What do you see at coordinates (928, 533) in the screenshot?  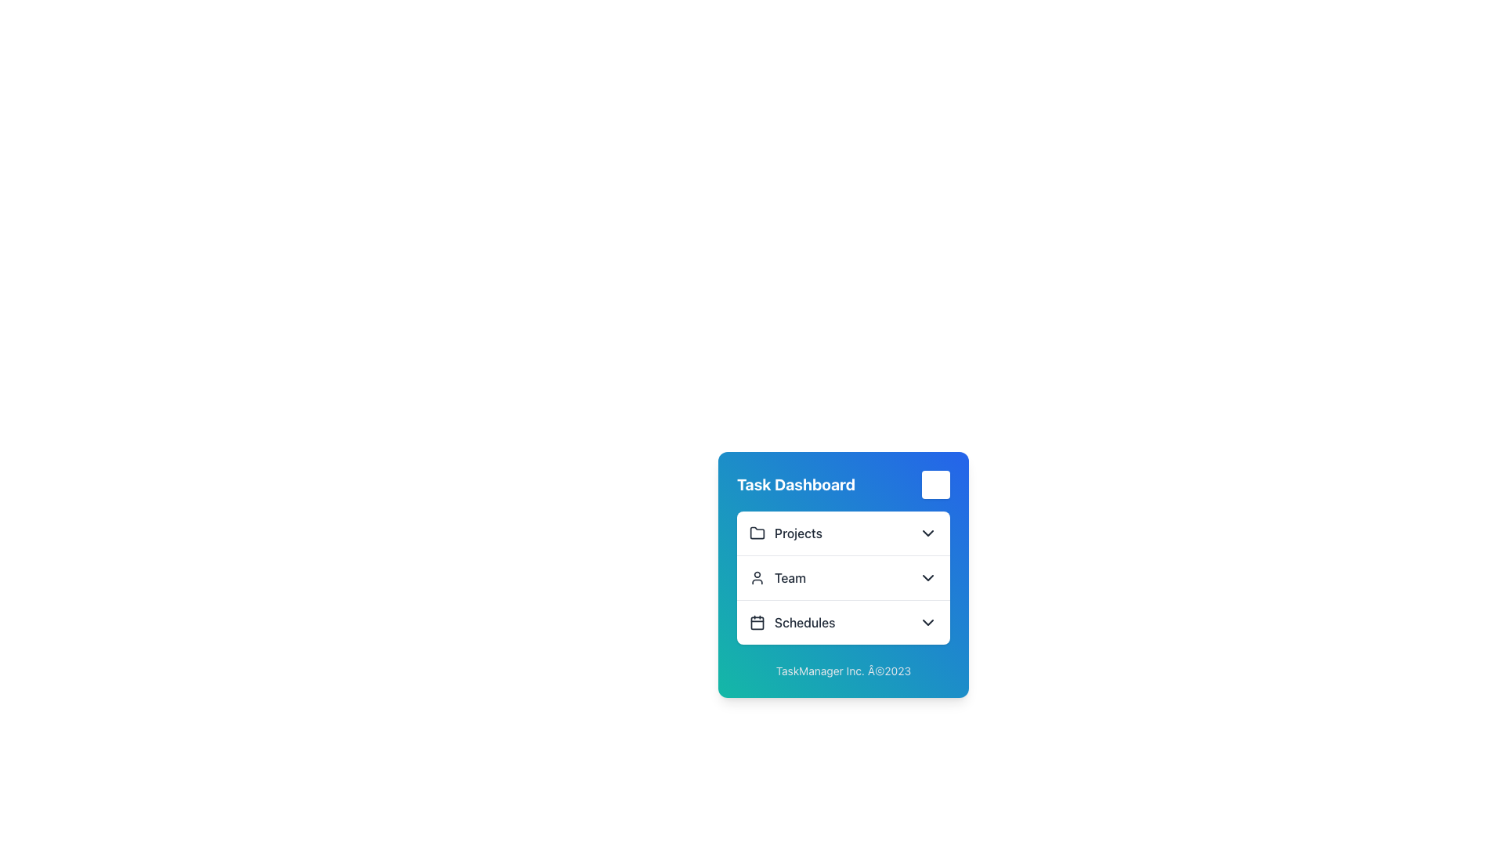 I see `the dropdown menu indicator icon located near the right edge of the 'Projects' row` at bounding box center [928, 533].